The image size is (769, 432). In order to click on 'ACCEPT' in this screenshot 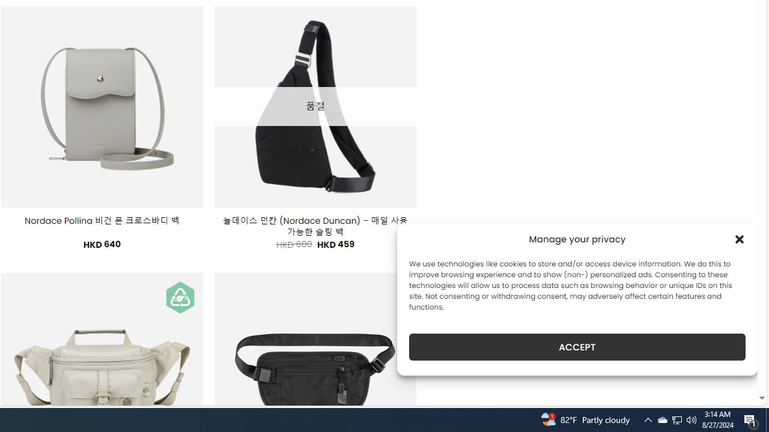, I will do `click(577, 347)`.